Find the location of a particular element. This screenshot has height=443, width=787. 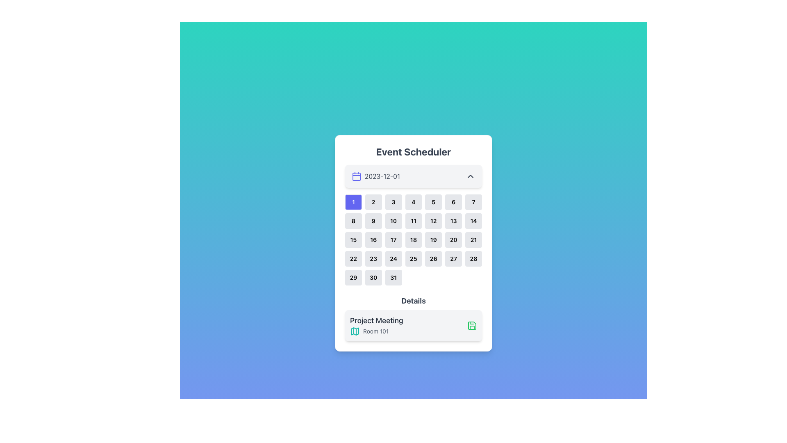

the button representing the 29th day of the month in the calendar widget is located at coordinates (353, 277).